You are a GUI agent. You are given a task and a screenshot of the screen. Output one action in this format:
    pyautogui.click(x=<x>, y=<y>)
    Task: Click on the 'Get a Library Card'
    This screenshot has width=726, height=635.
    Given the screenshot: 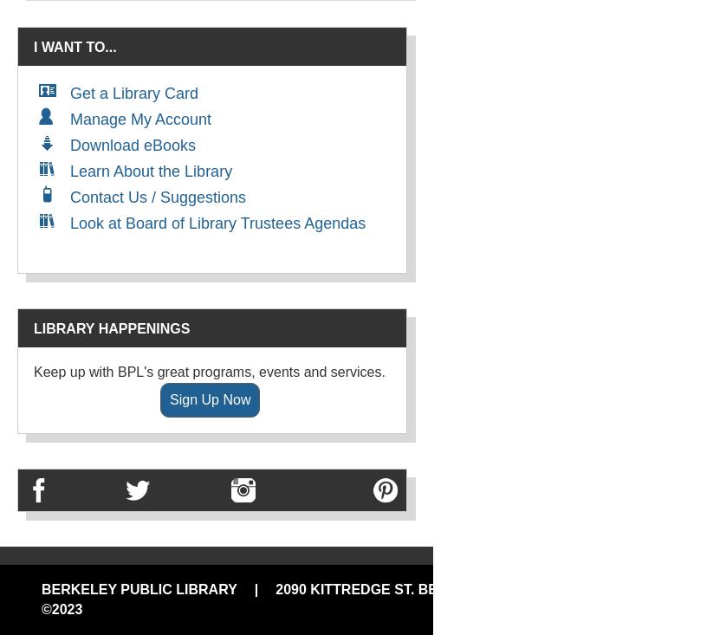 What is the action you would take?
    pyautogui.click(x=134, y=93)
    